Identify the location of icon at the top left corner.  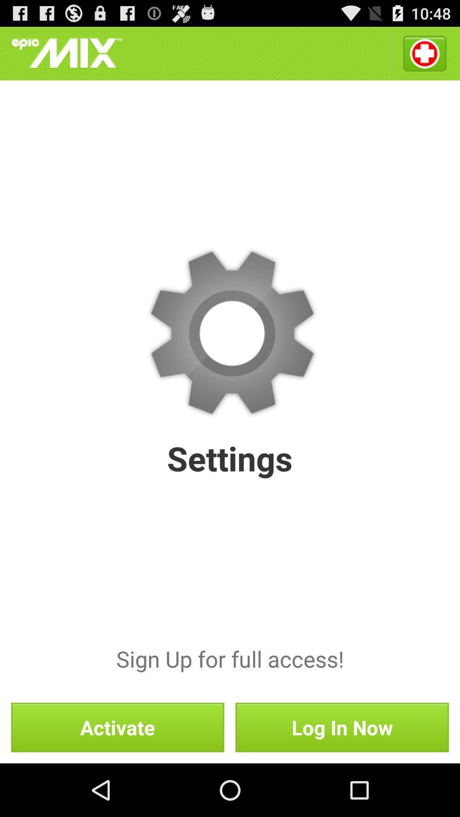
(66, 53).